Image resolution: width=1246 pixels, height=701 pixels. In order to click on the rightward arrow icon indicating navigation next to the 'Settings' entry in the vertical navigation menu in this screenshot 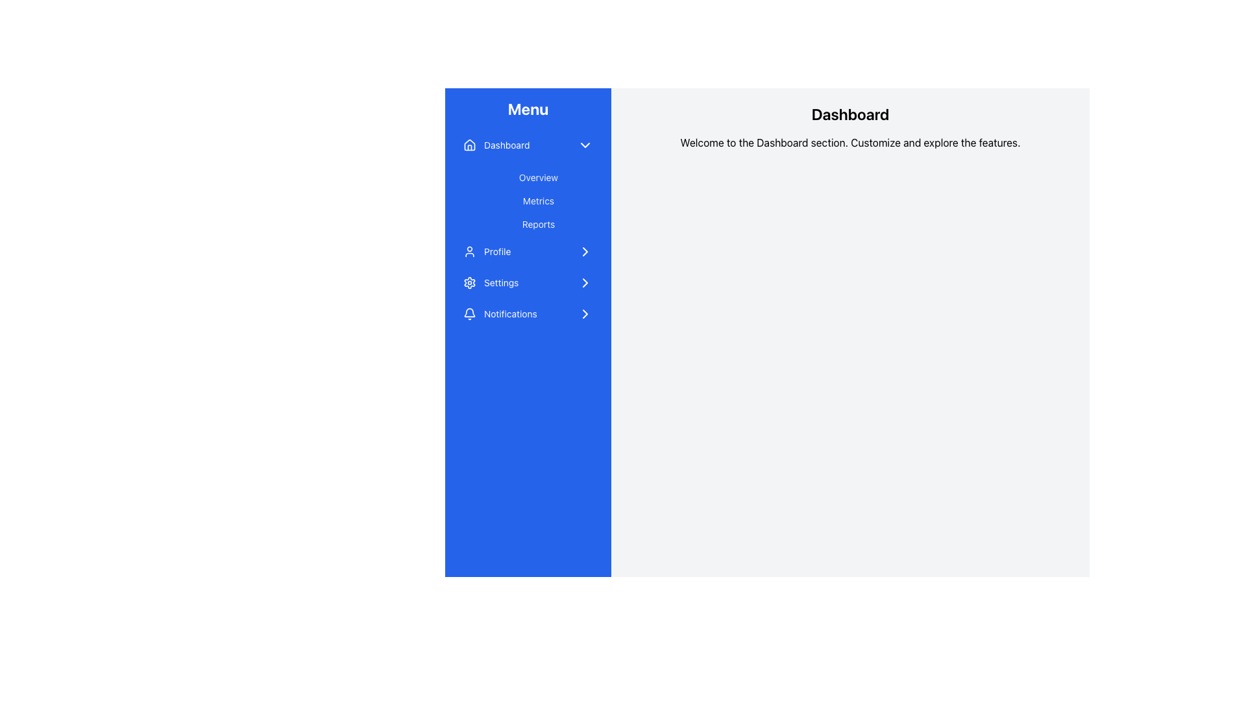, I will do `click(585, 282)`.